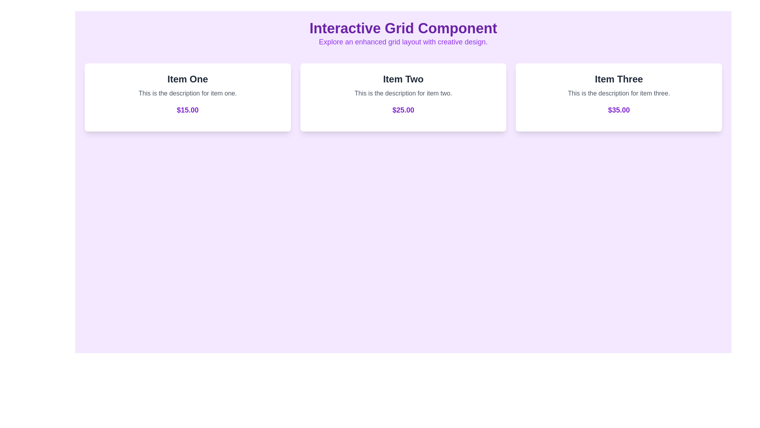  I want to click on the text label that serves as the title for the third card, labeled 'Item Three', which is centrally aligned at the top of the card, so click(618, 79).